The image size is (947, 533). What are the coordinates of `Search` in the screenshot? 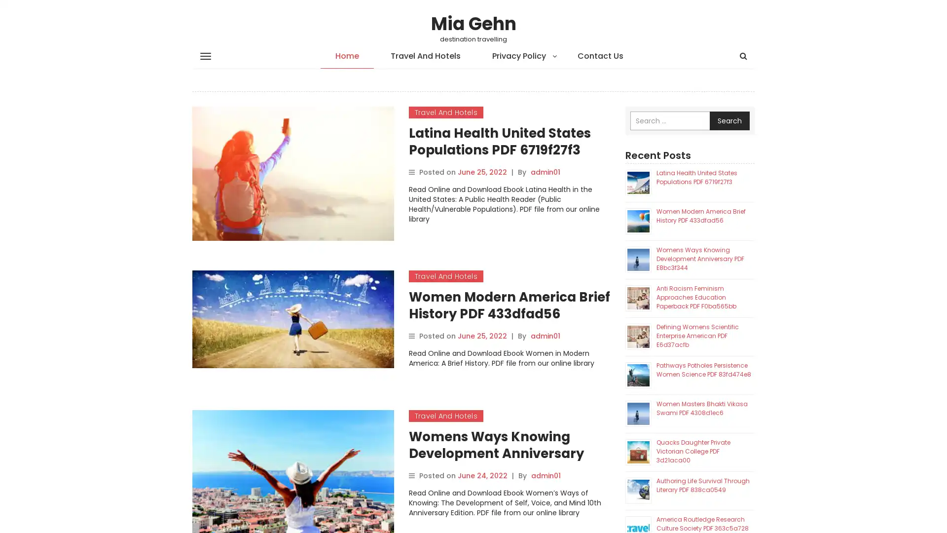 It's located at (729, 120).